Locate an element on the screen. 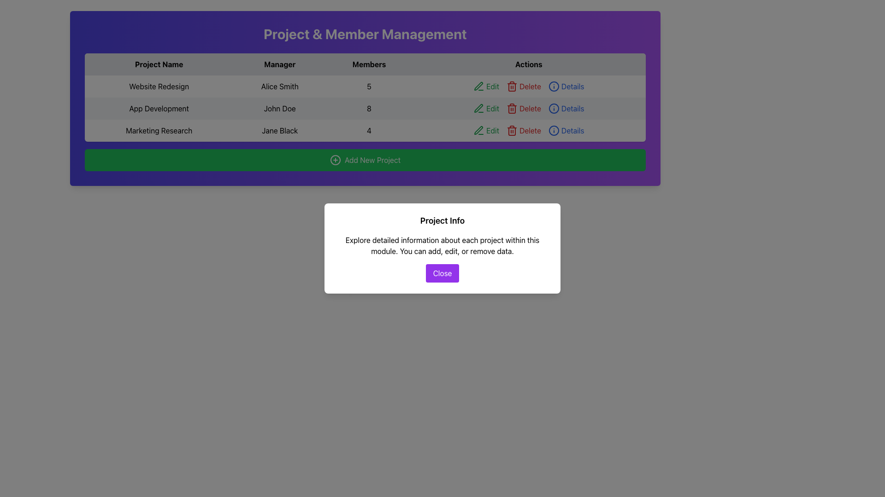 Image resolution: width=885 pixels, height=497 pixels. 'Delete' button, which is a trash can icon located in the 'Actions' column of the third row for the project 'Marketing Research', positioned between 'Edit' and 'Details' is located at coordinates (512, 87).